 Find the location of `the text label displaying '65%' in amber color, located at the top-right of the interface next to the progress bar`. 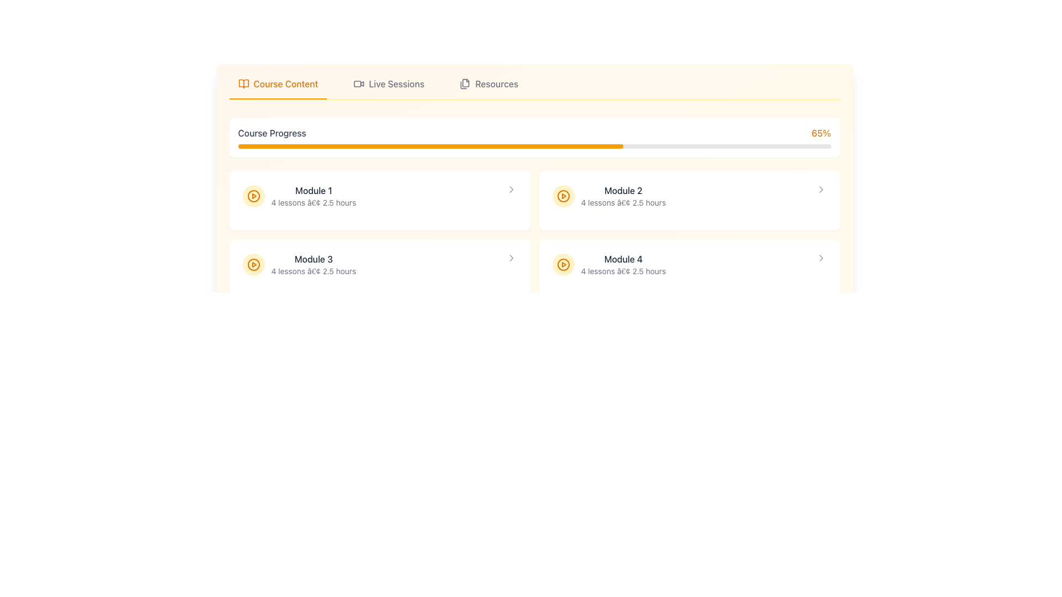

the text label displaying '65%' in amber color, located at the top-right of the interface next to the progress bar is located at coordinates (821, 132).